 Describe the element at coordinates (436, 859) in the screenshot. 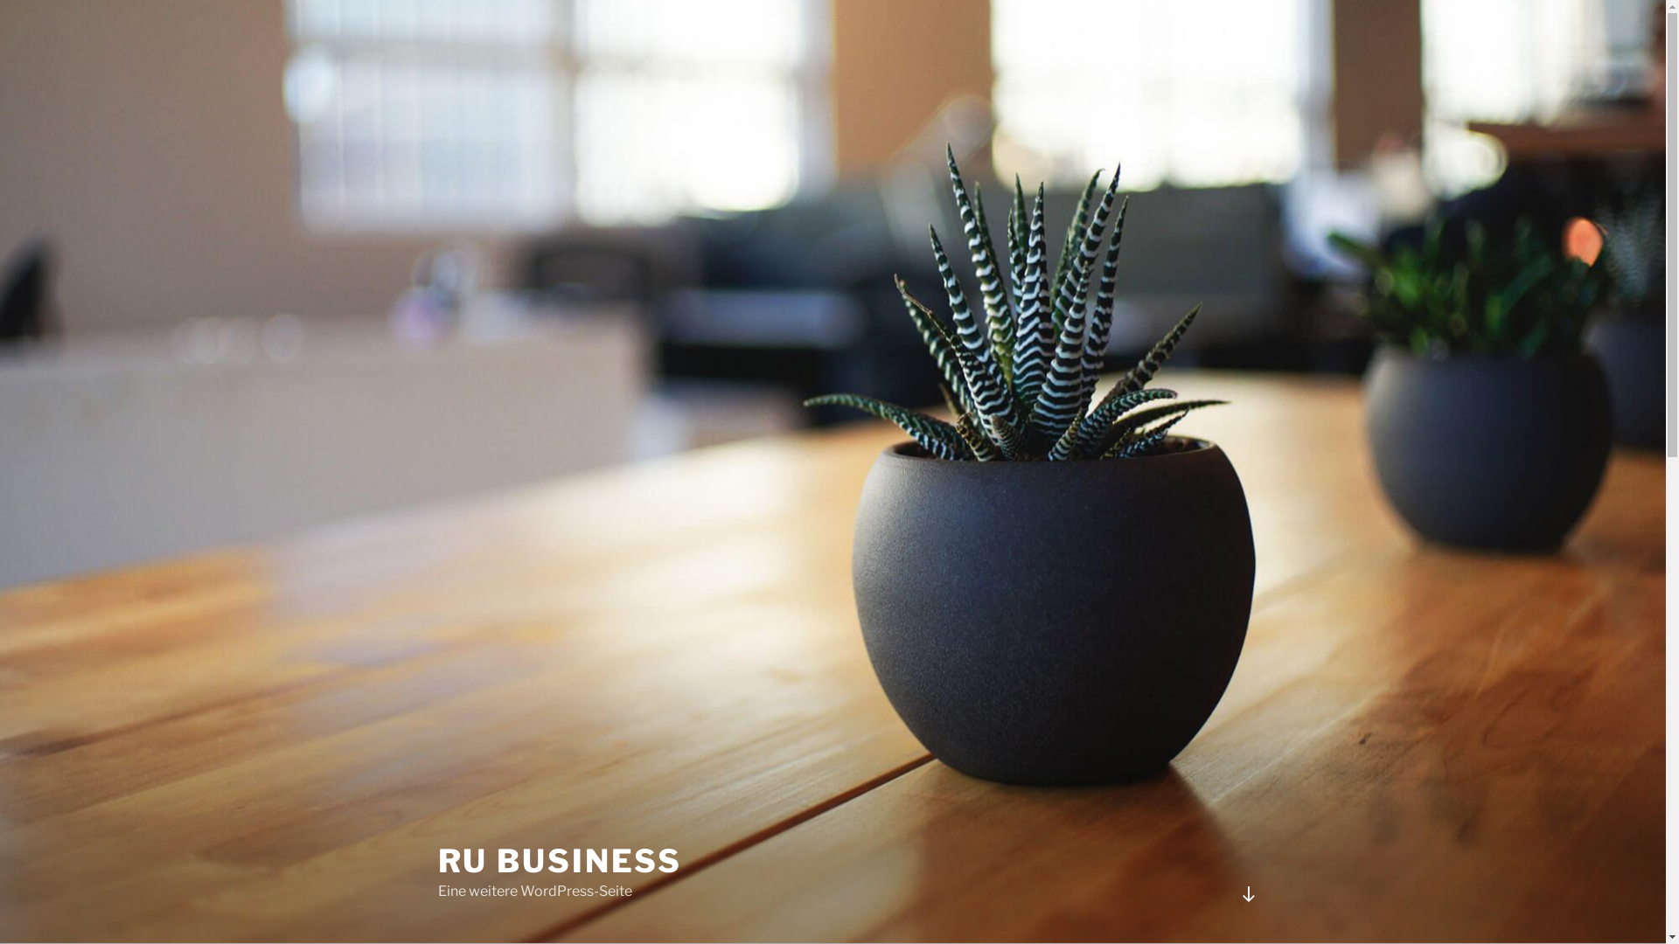

I see `'RU BUSINESS'` at that location.